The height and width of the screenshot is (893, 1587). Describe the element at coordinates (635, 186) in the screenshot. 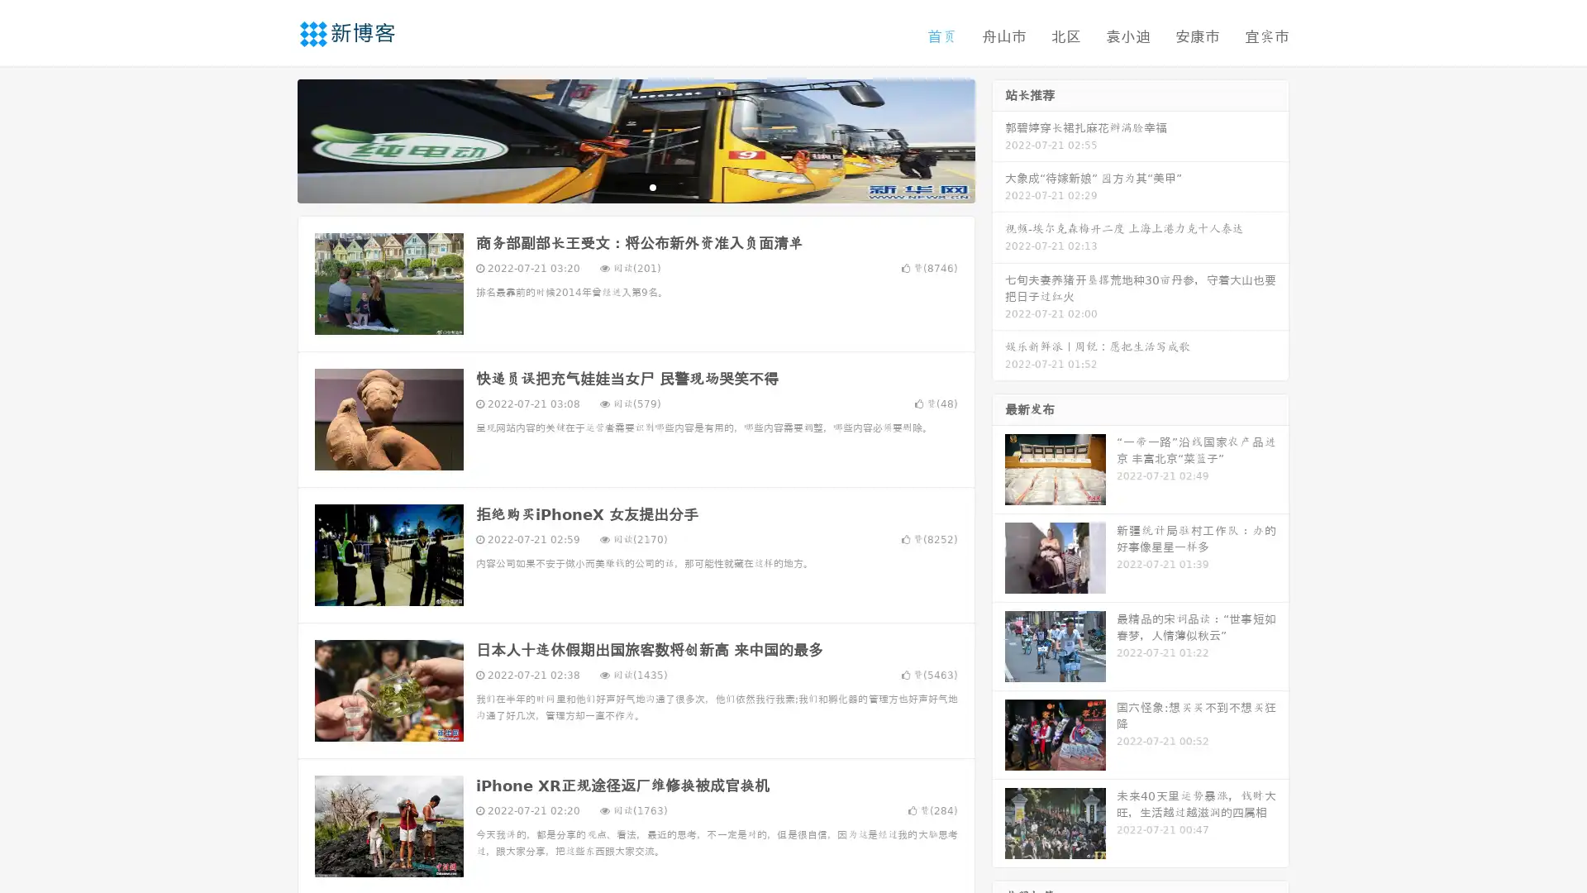

I see `Go to slide 2` at that location.